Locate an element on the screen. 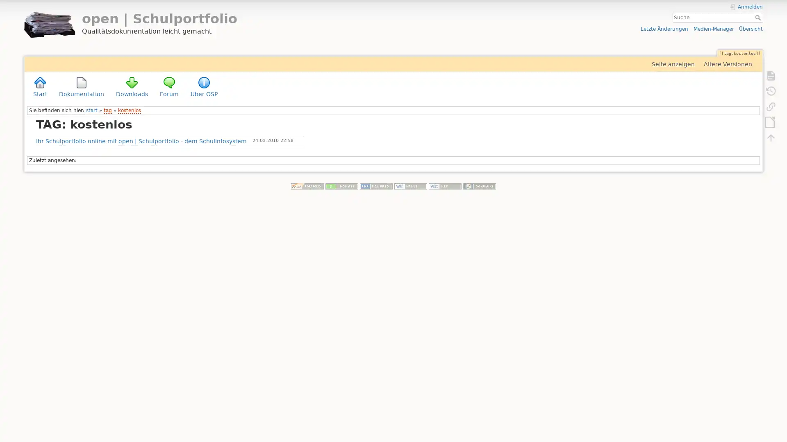 The width and height of the screenshot is (787, 442). Suche is located at coordinates (758, 17).